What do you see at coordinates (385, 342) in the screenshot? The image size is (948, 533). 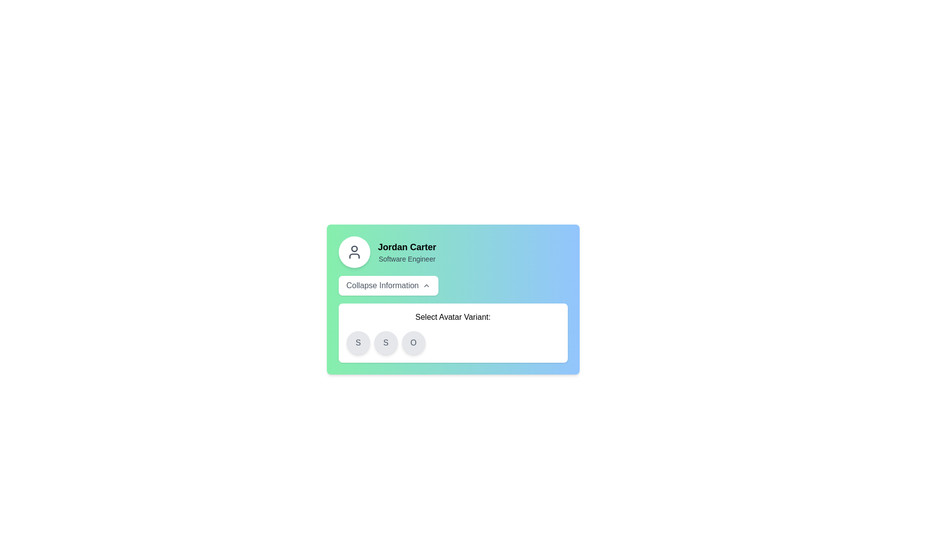 I see `the second circular button in the 'Select Avatar Variant' section, which allows the user to choose the 'S' variant of the avatar design` at bounding box center [385, 342].